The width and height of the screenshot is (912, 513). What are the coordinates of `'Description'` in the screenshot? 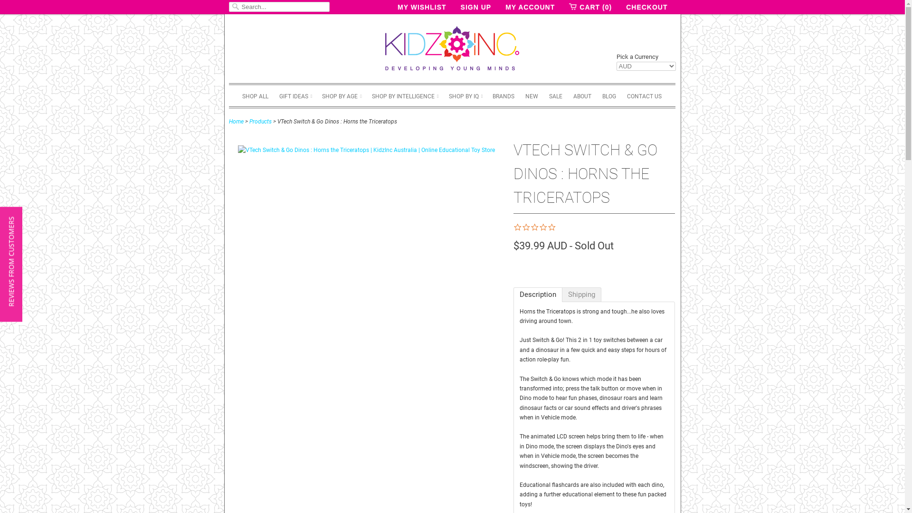 It's located at (537, 294).